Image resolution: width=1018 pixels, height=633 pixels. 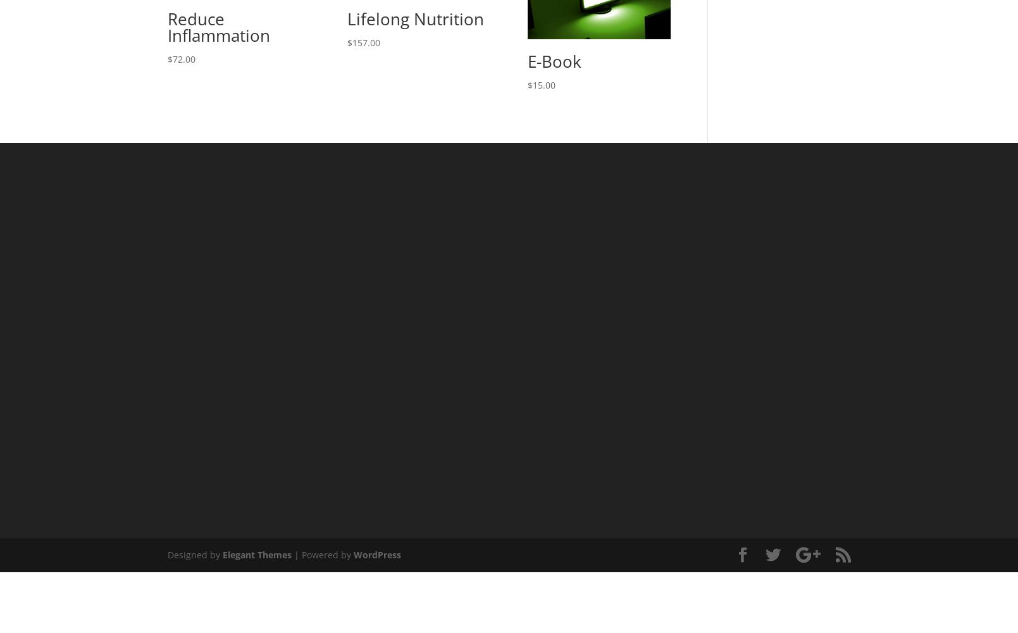 I want to click on '157.00', so click(x=366, y=42).